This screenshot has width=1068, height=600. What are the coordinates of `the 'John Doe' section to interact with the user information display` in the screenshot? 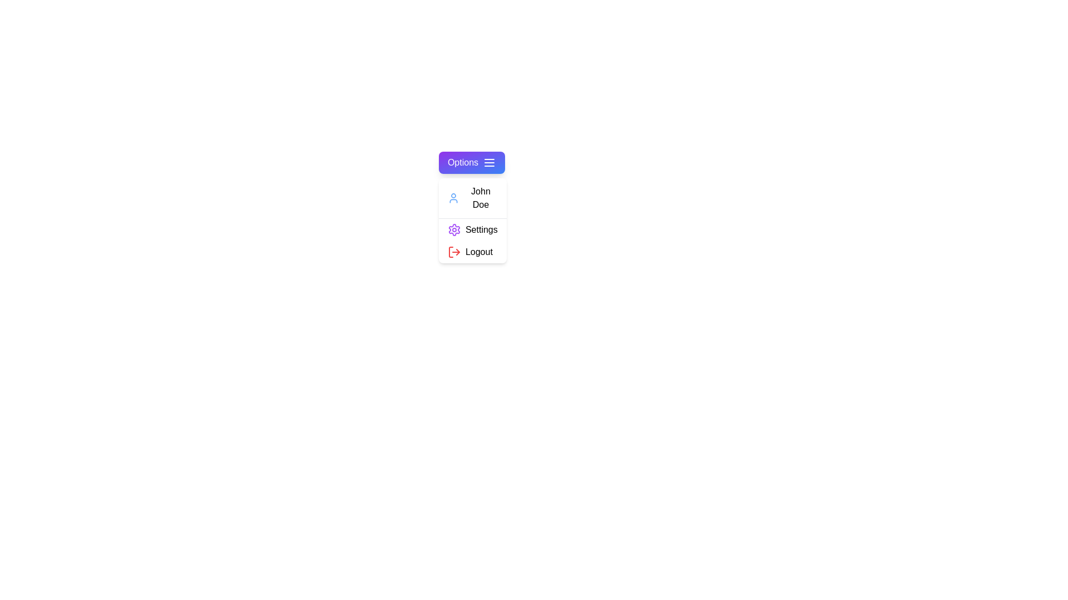 It's located at (472, 198).